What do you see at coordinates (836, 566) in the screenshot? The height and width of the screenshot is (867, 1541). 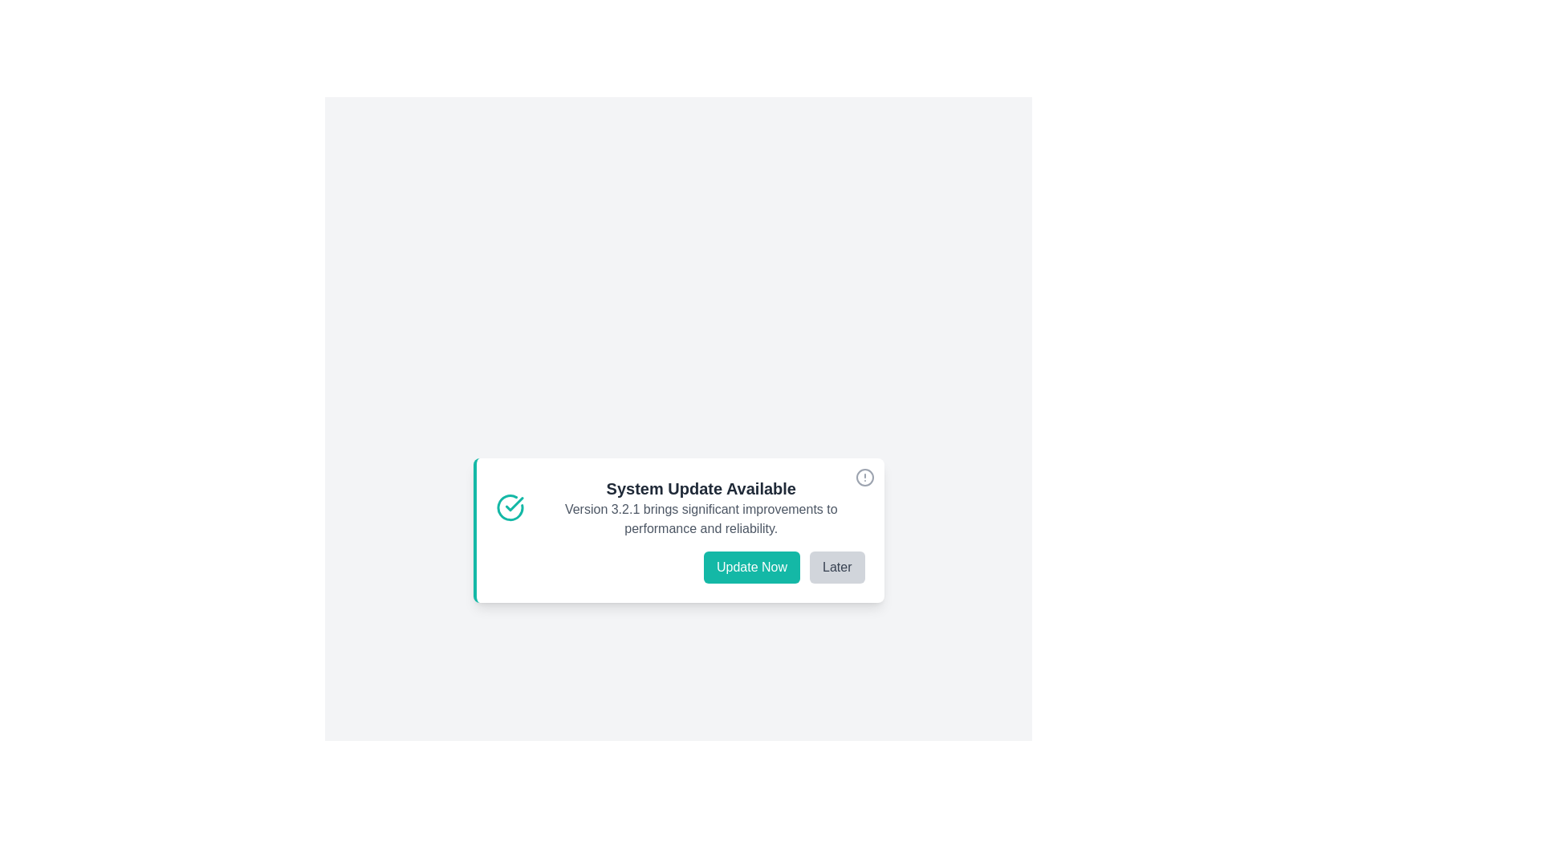 I see `'Later' button to postpone the update` at bounding box center [836, 566].